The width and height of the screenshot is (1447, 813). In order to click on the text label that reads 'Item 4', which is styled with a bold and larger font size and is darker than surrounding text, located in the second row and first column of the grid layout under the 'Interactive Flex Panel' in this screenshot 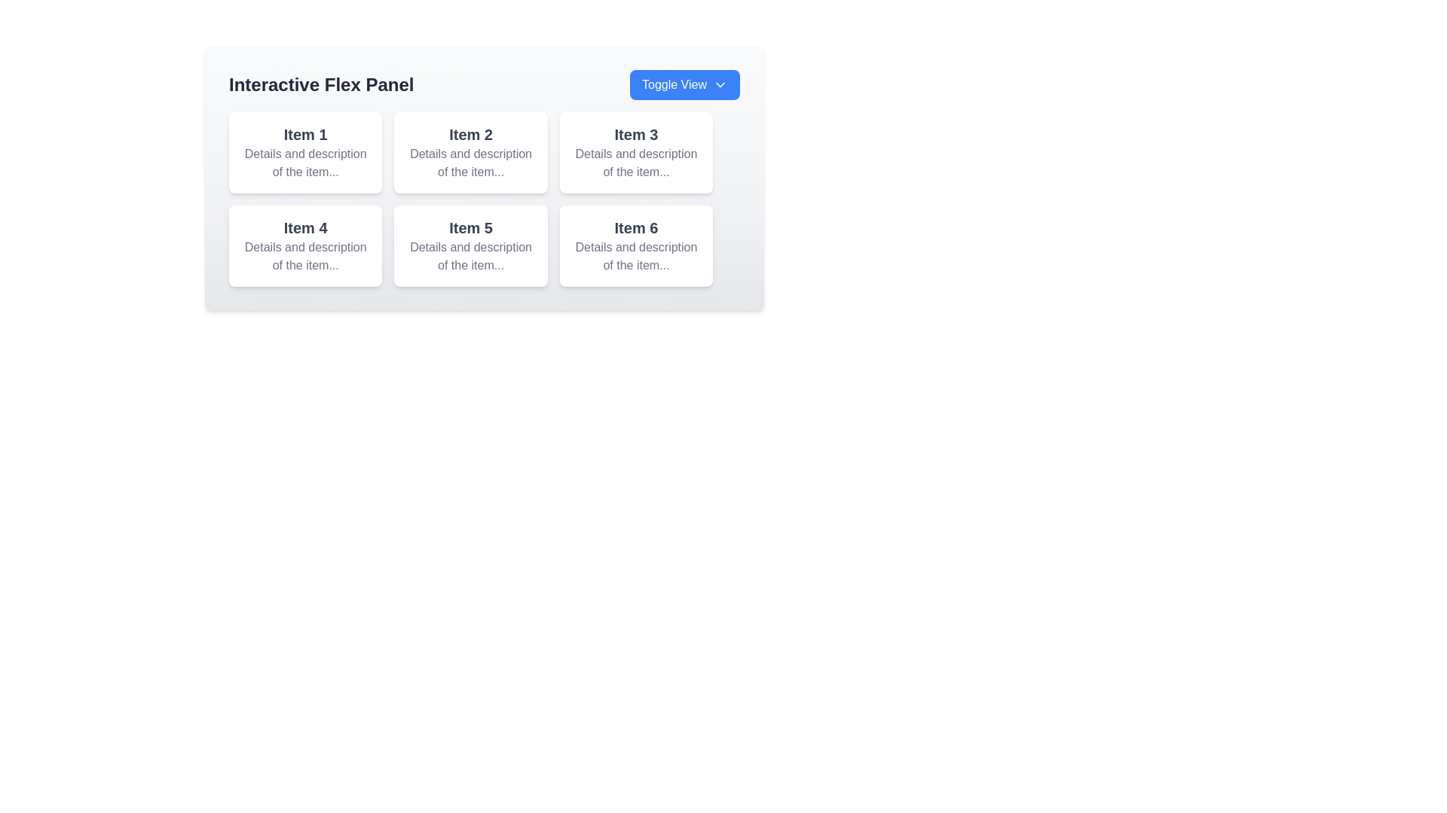, I will do `click(304, 228)`.